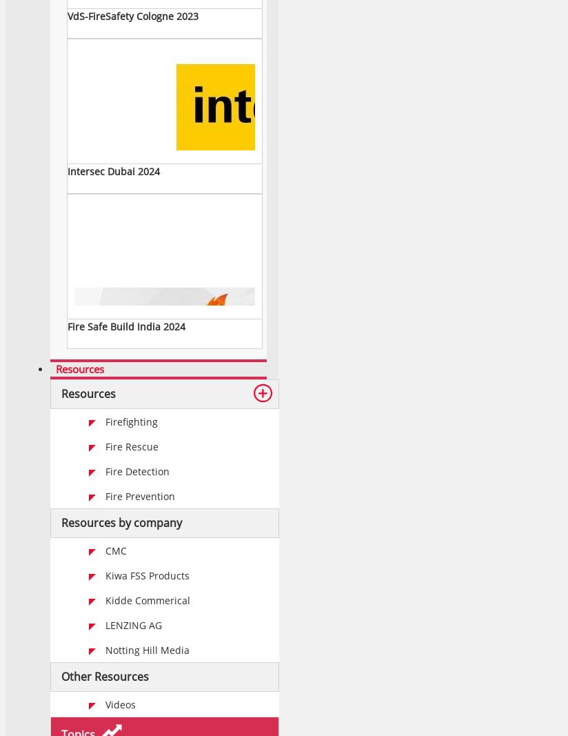 Image resolution: width=568 pixels, height=736 pixels. I want to click on 'Fire Prevention', so click(140, 495).